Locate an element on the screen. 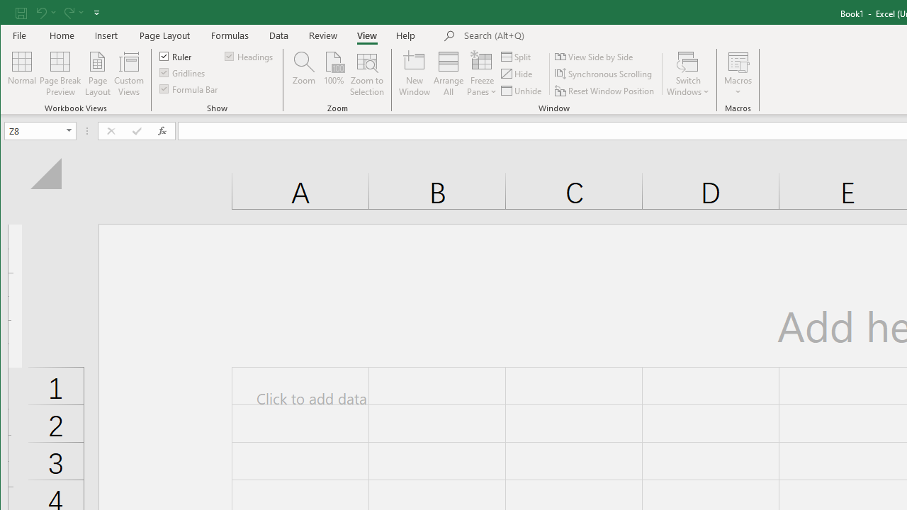 This screenshot has height=510, width=907. 'Unhide...' is located at coordinates (522, 91).